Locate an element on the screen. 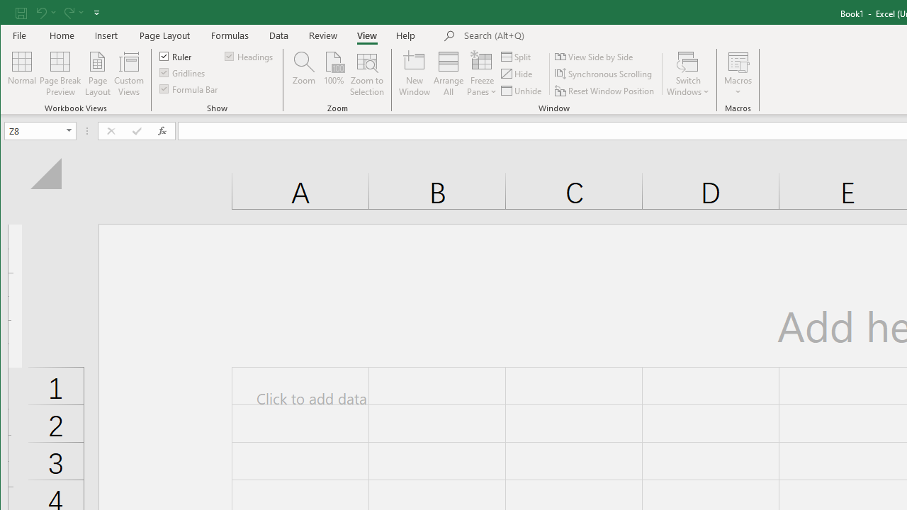 This screenshot has height=510, width=907. 'Unhide...' is located at coordinates (522, 91).